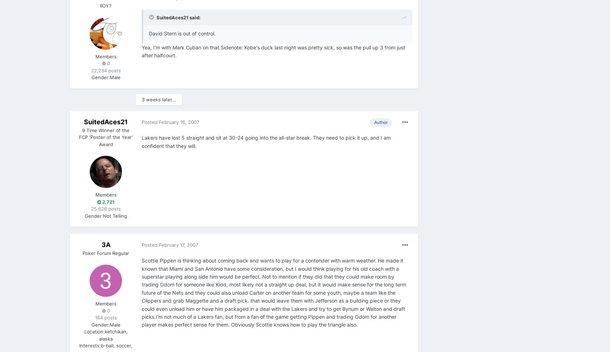 The width and height of the screenshot is (610, 352). I want to click on '22,234 posts', so click(105, 70).